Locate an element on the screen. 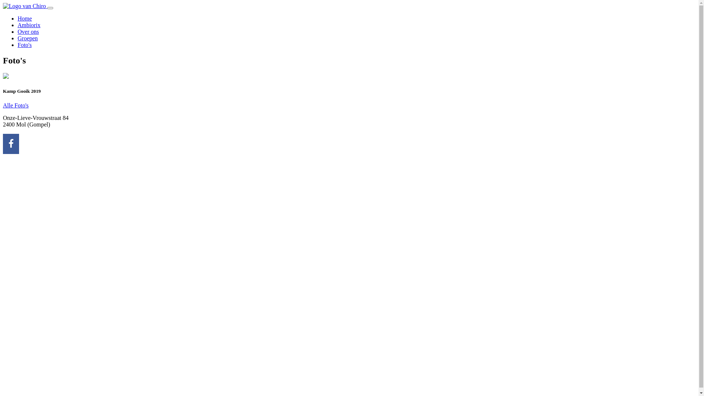 The image size is (704, 396). 'Home' is located at coordinates (18, 18).